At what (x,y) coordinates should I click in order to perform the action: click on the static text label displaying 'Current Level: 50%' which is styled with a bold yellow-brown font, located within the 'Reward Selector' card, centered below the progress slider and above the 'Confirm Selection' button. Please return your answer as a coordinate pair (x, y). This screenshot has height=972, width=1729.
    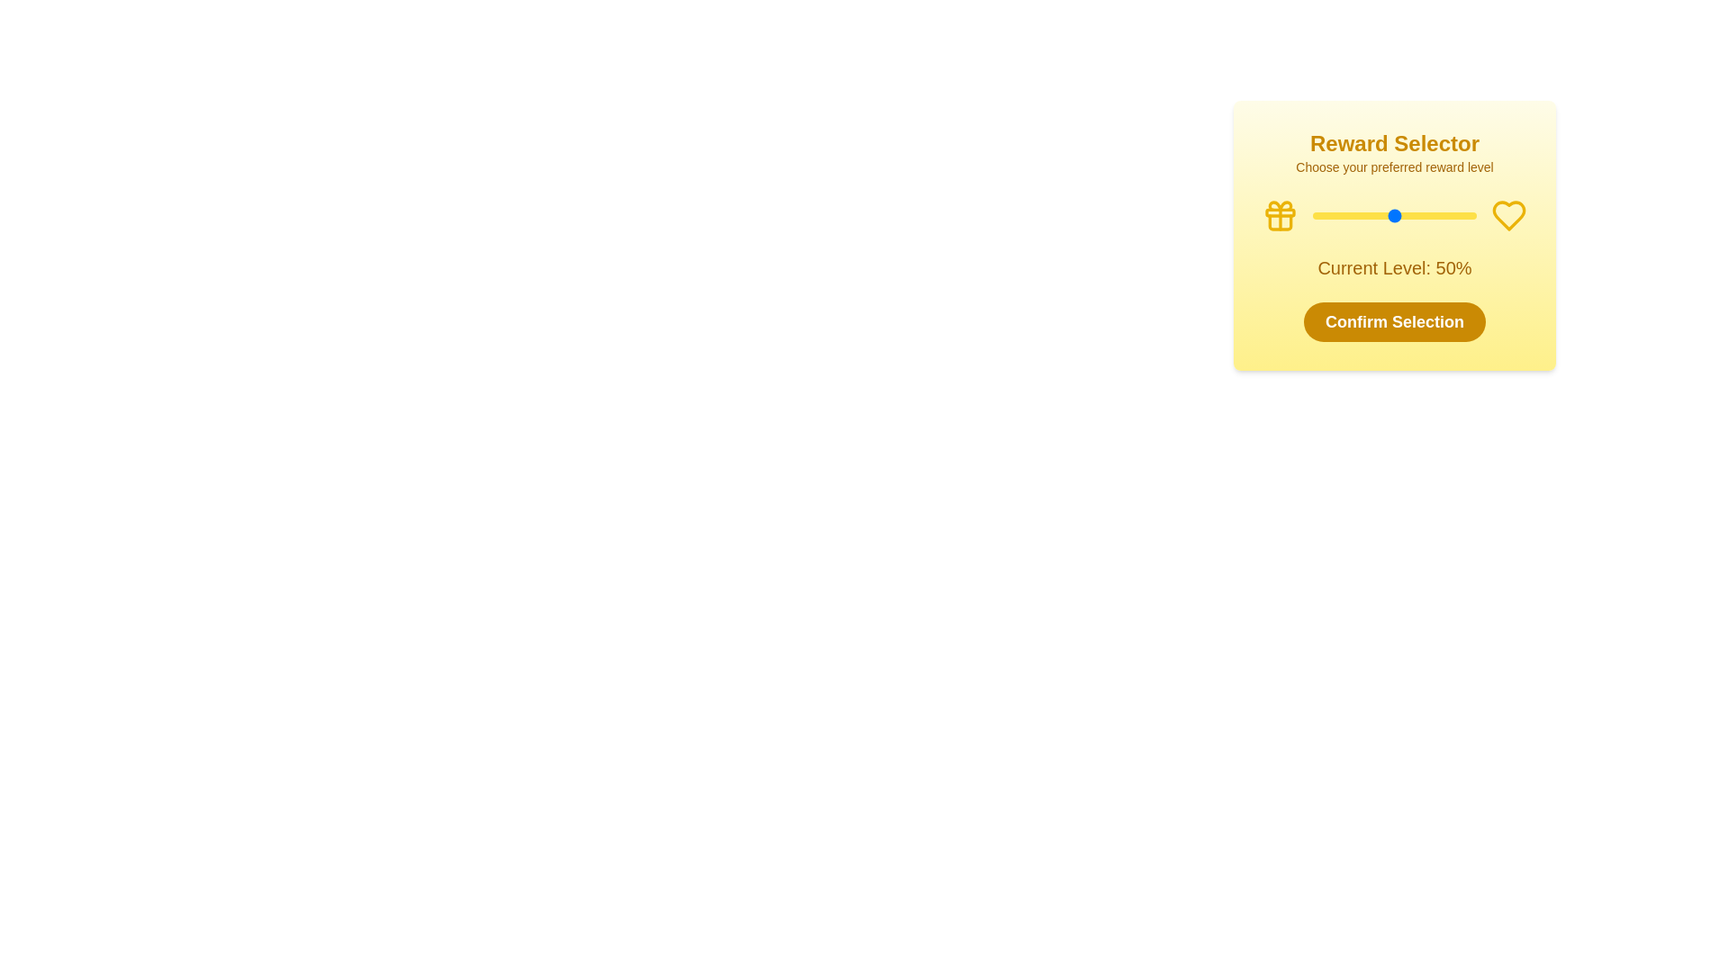
    Looking at the image, I should click on (1394, 267).